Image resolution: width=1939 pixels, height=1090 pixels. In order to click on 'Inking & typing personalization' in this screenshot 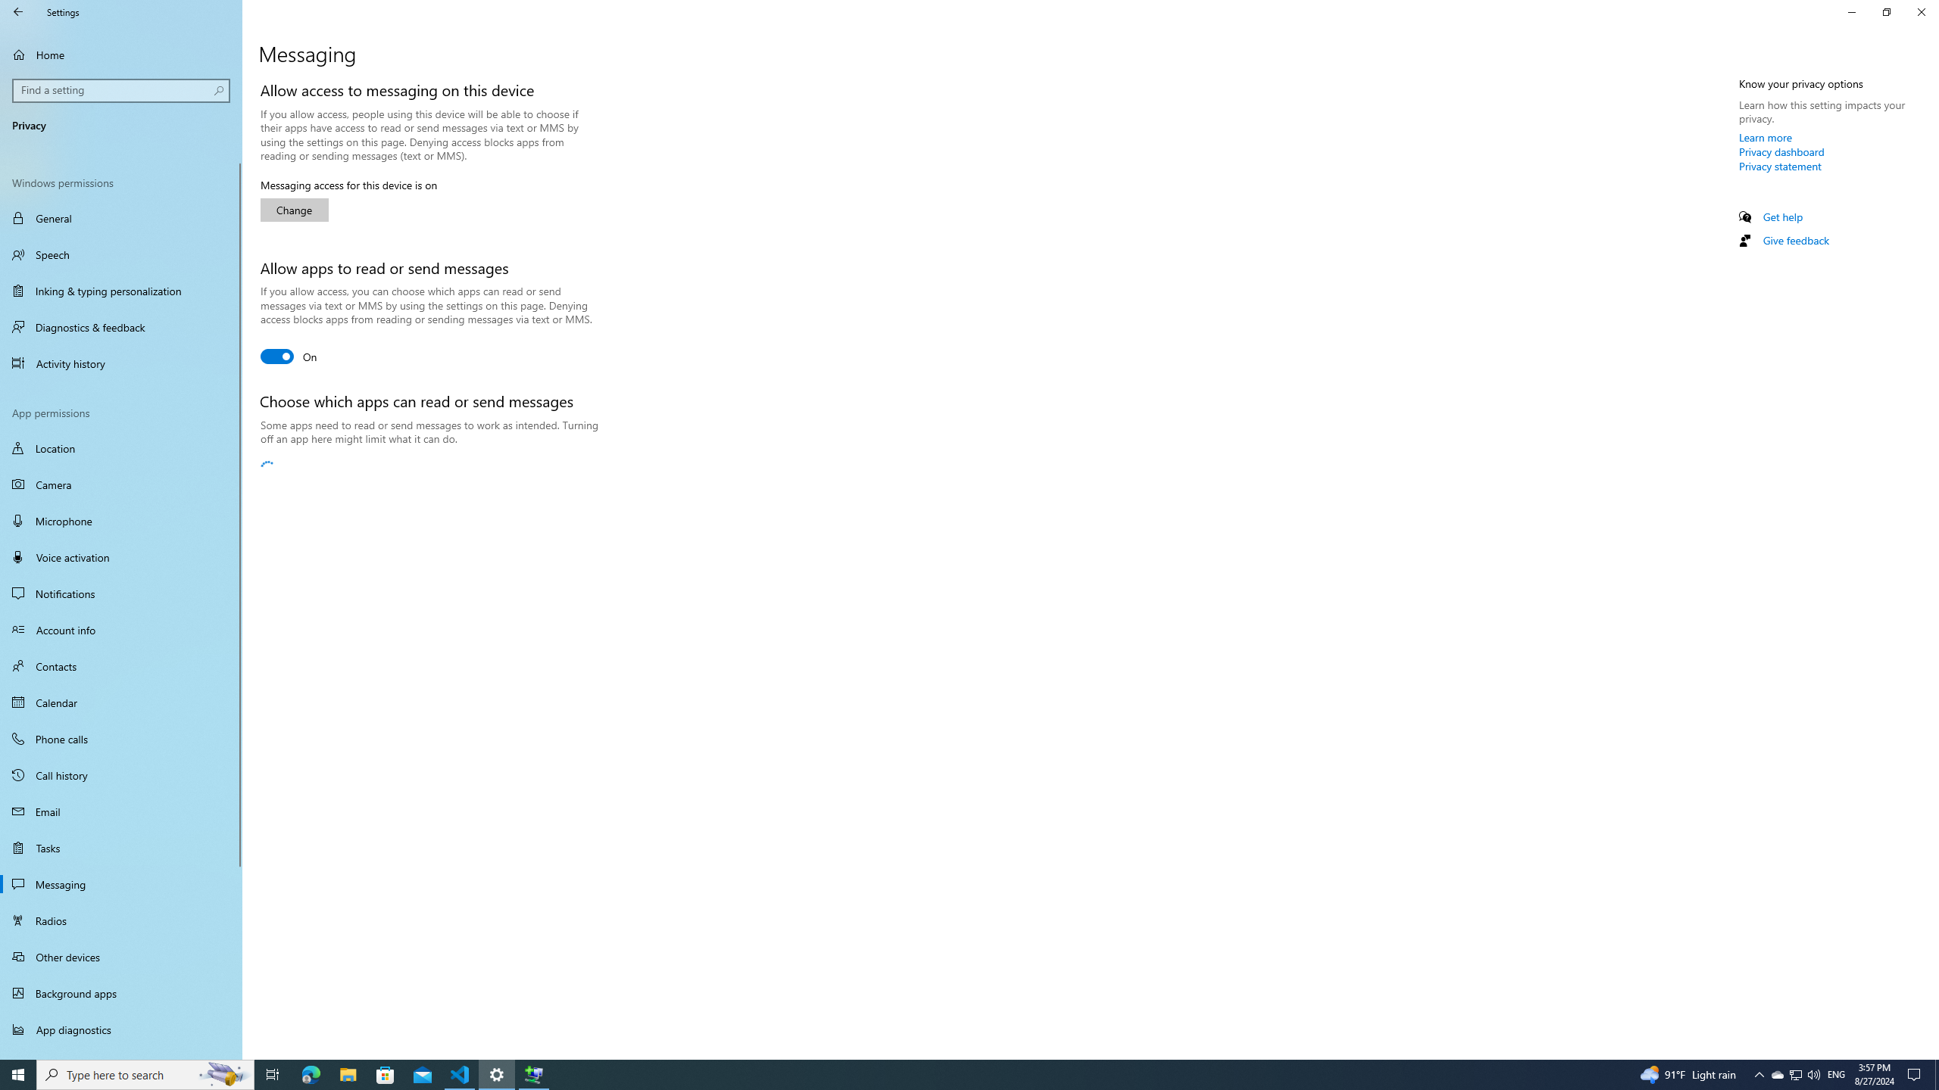, I will do `click(120, 289)`.